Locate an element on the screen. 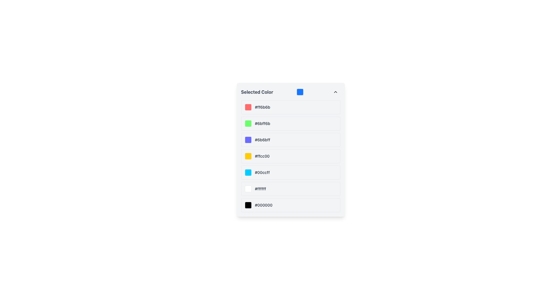 The width and height of the screenshot is (541, 304). text from the fourth item in the dropdown menu that displays the hexadecimal code for yellow, which is accompanied by a small yellow square to its left is located at coordinates (262, 156).